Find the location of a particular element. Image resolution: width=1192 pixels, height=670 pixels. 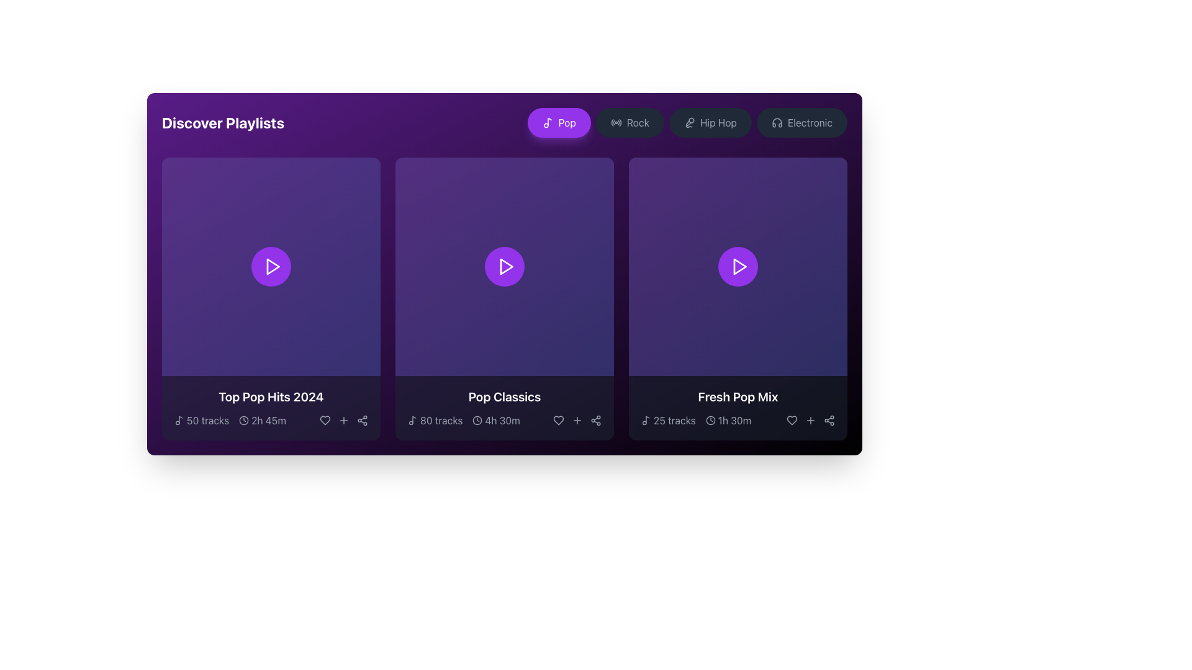

the heart-shaped button with a dark theme located at the bottom of the 'Fresh Pop Mix' playlist card is located at coordinates (792, 420).